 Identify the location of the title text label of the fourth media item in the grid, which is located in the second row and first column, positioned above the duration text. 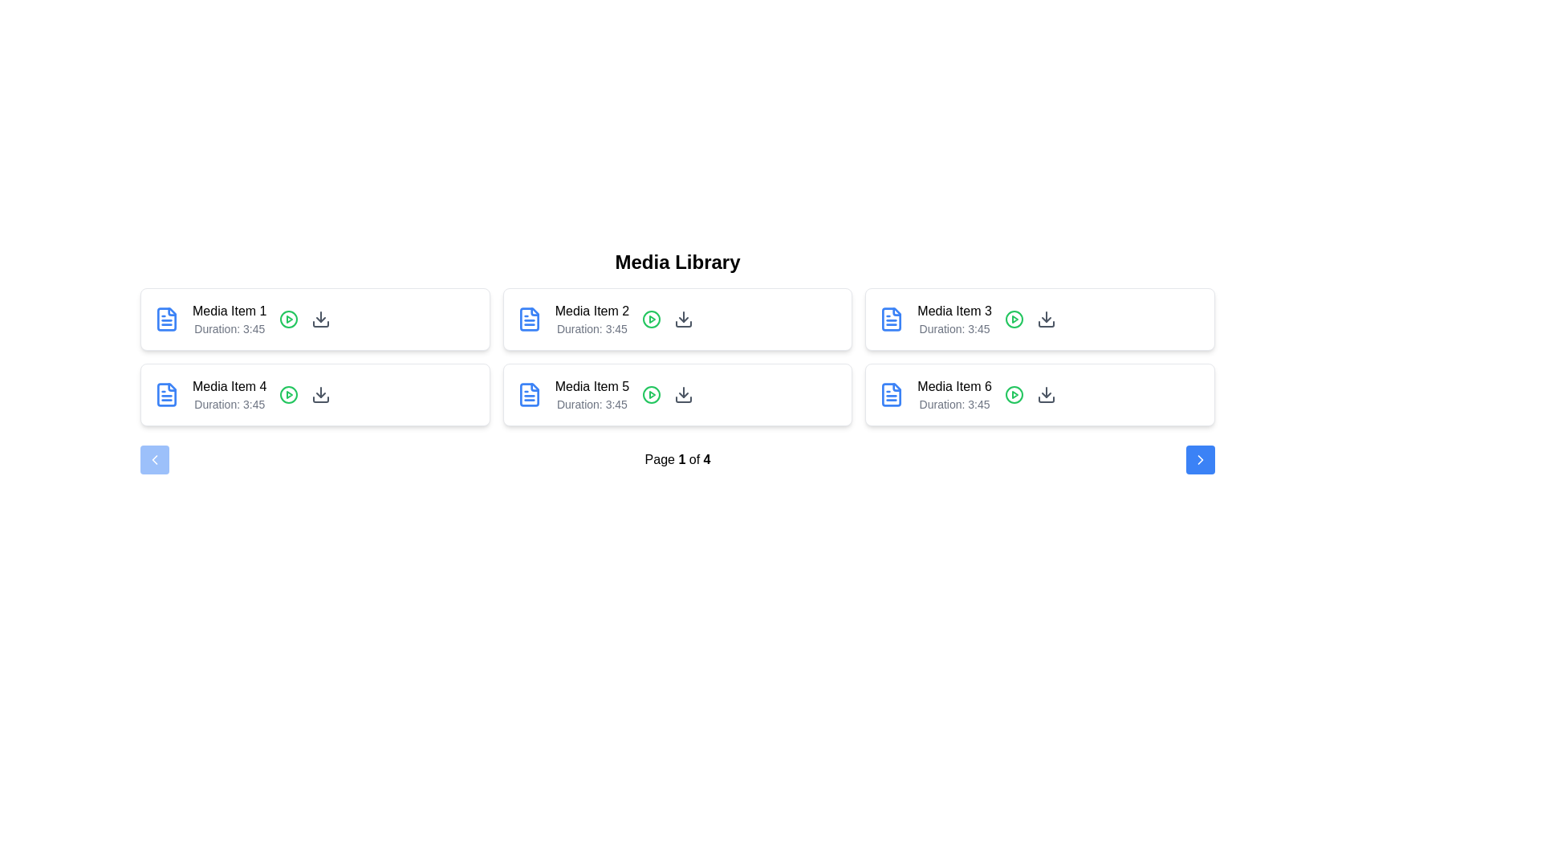
(229, 387).